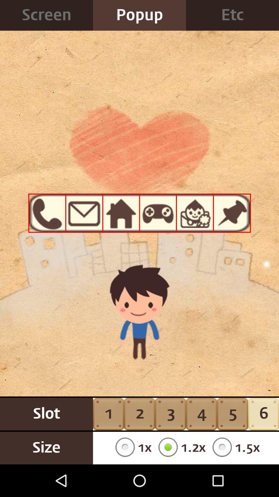 The width and height of the screenshot is (279, 497). What do you see at coordinates (131, 448) in the screenshot?
I see `icon next to the slot item` at bounding box center [131, 448].